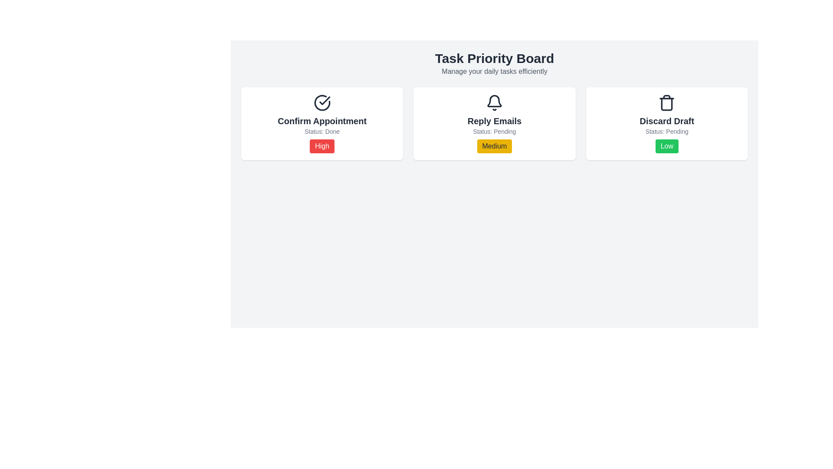 The height and width of the screenshot is (469, 833). I want to click on header text 'Task Priority Board' located at the top of the interface, which is prominently displayed in a large and bold font, so click(495, 59).